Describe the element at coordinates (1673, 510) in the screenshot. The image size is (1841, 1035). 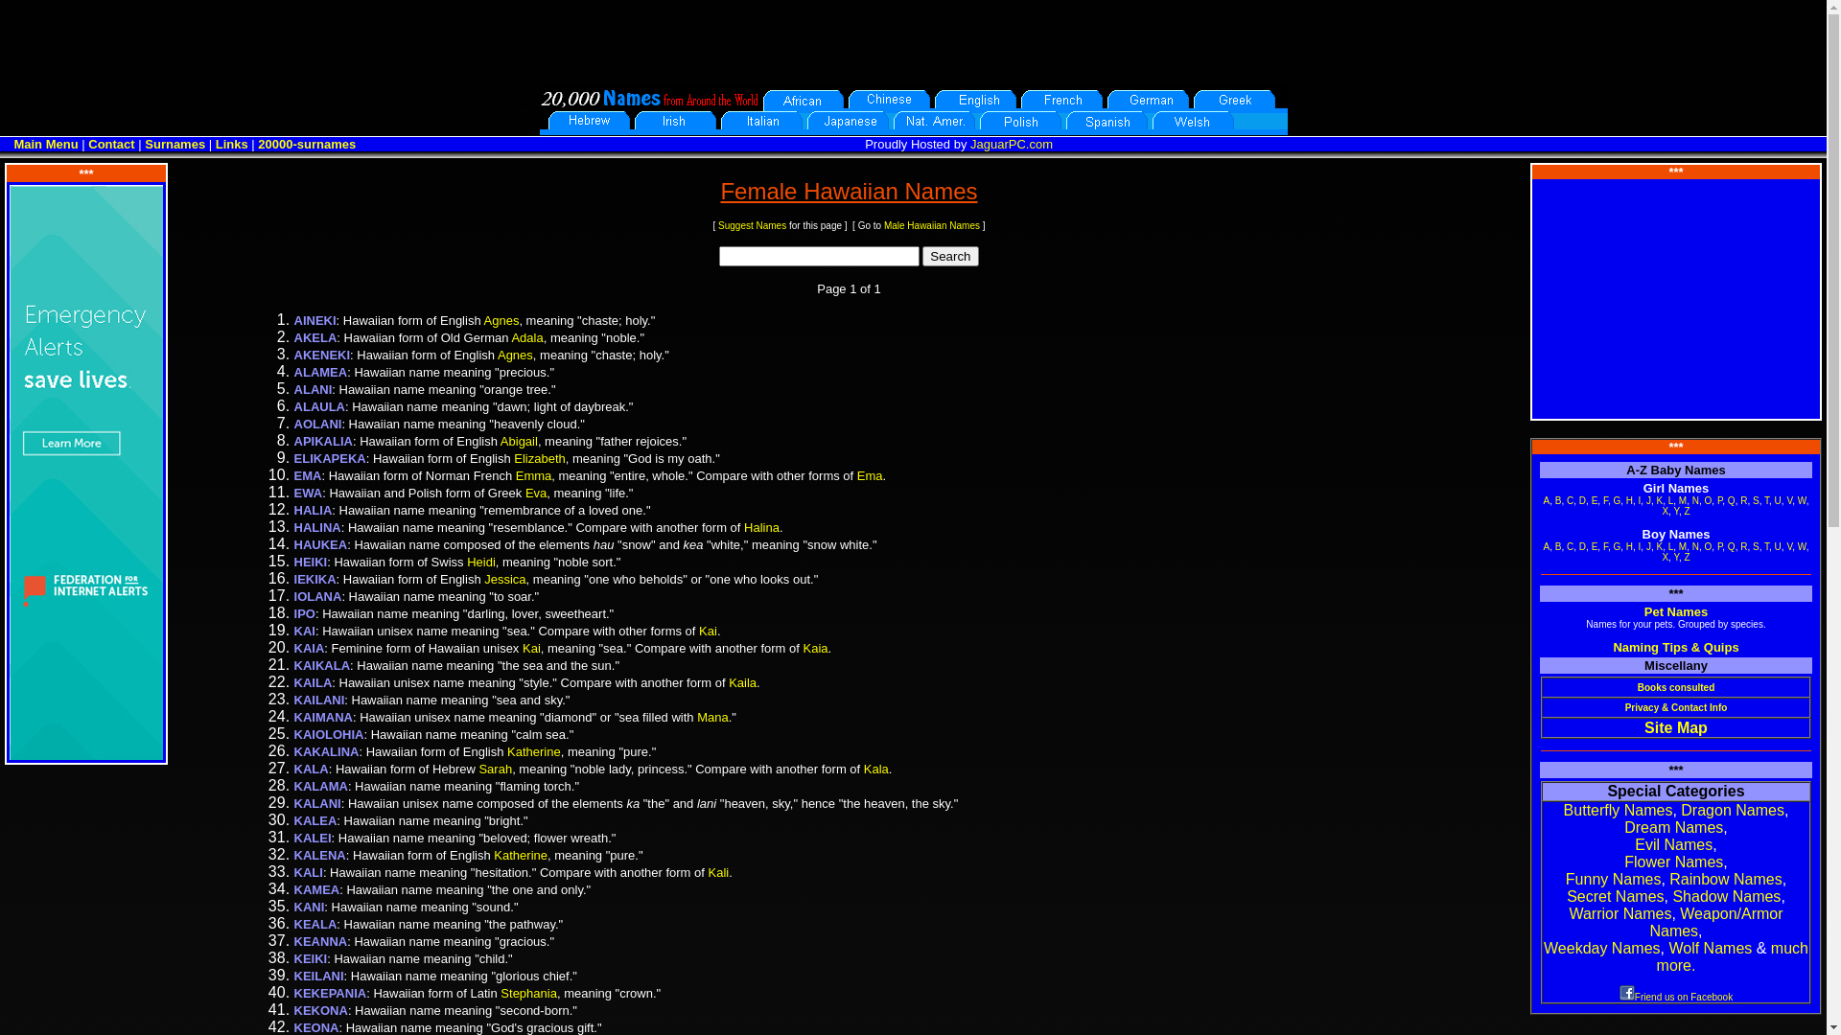
I see `'Y'` at that location.